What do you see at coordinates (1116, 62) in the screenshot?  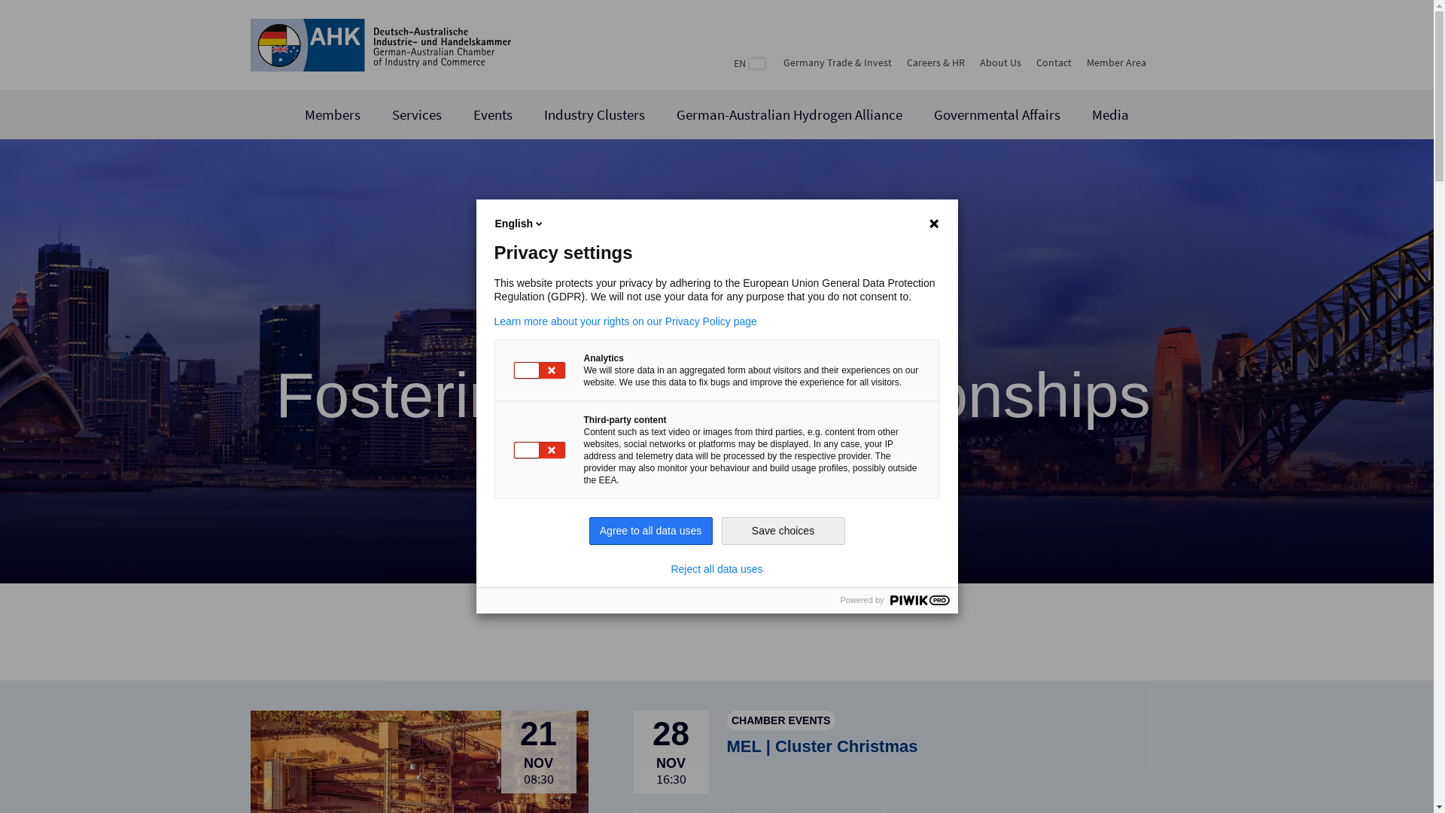 I see `'Member Area'` at bounding box center [1116, 62].